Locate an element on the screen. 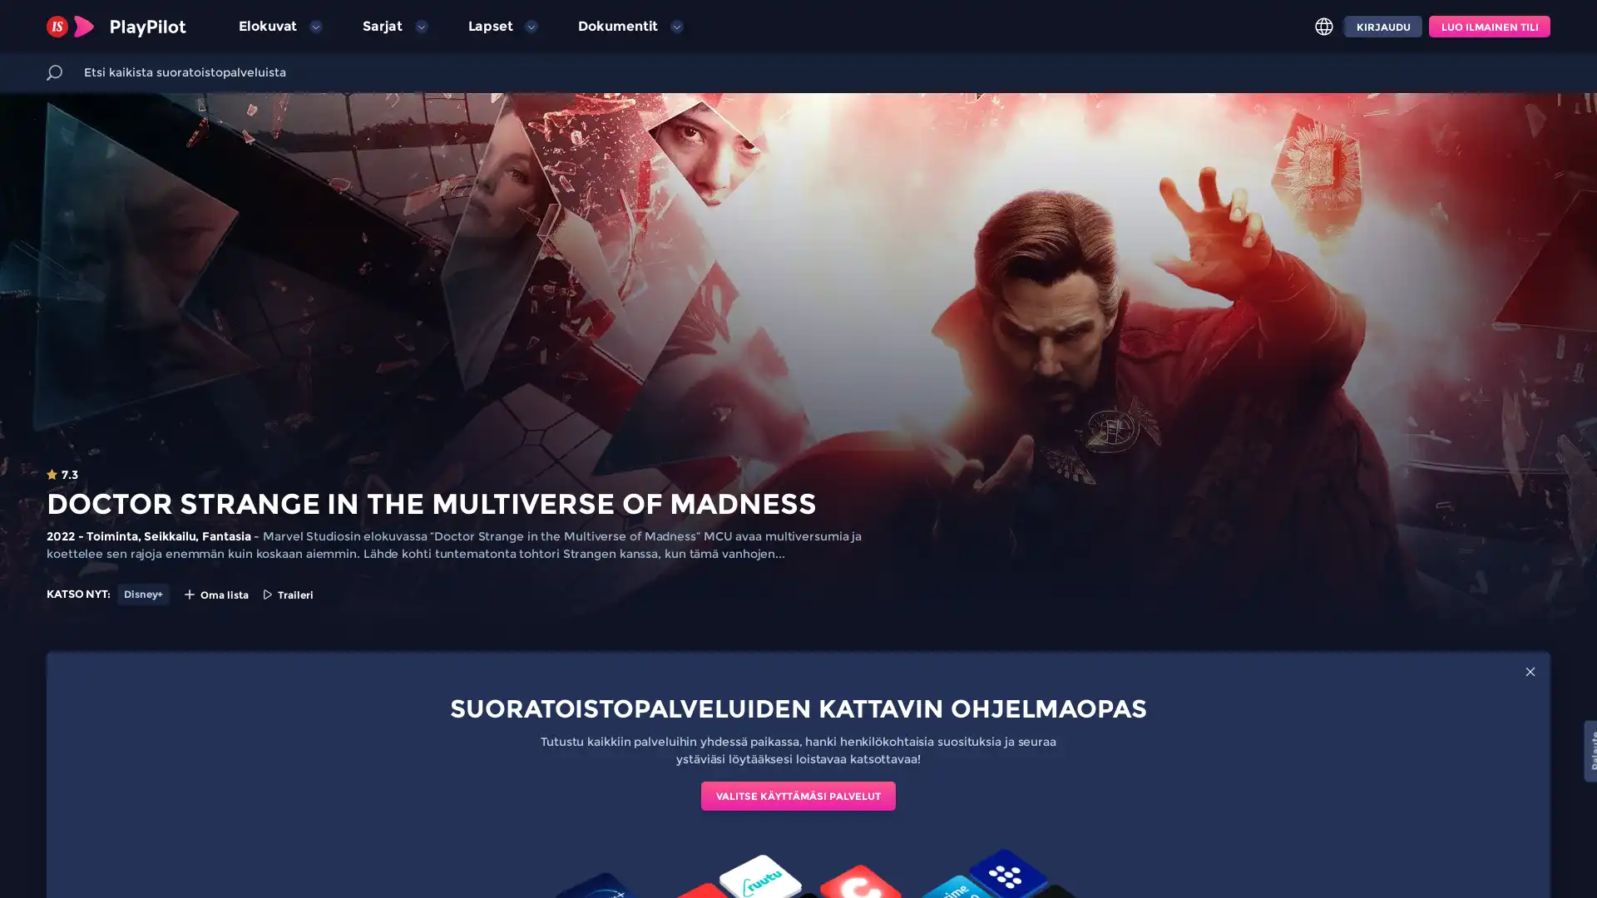 Image resolution: width=1597 pixels, height=898 pixels. Expand menu is located at coordinates (530, 26).